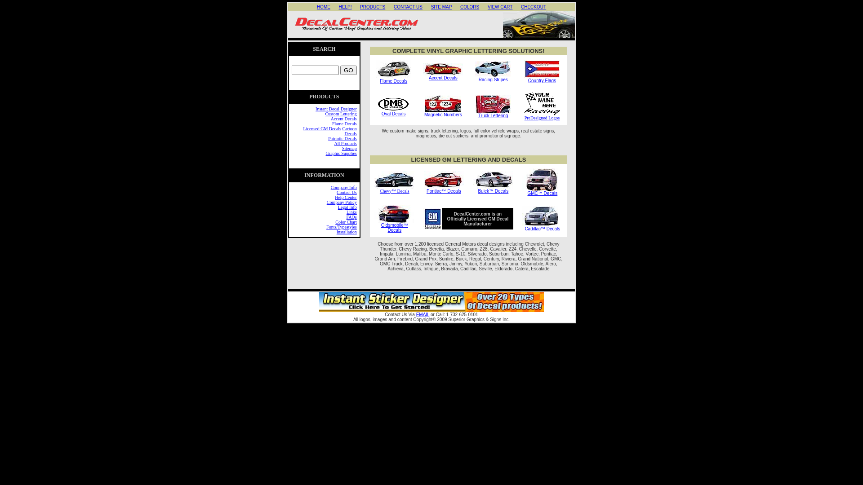 The height and width of the screenshot is (485, 863). Describe the element at coordinates (533, 7) in the screenshot. I see `'CHECKOUT'` at that location.